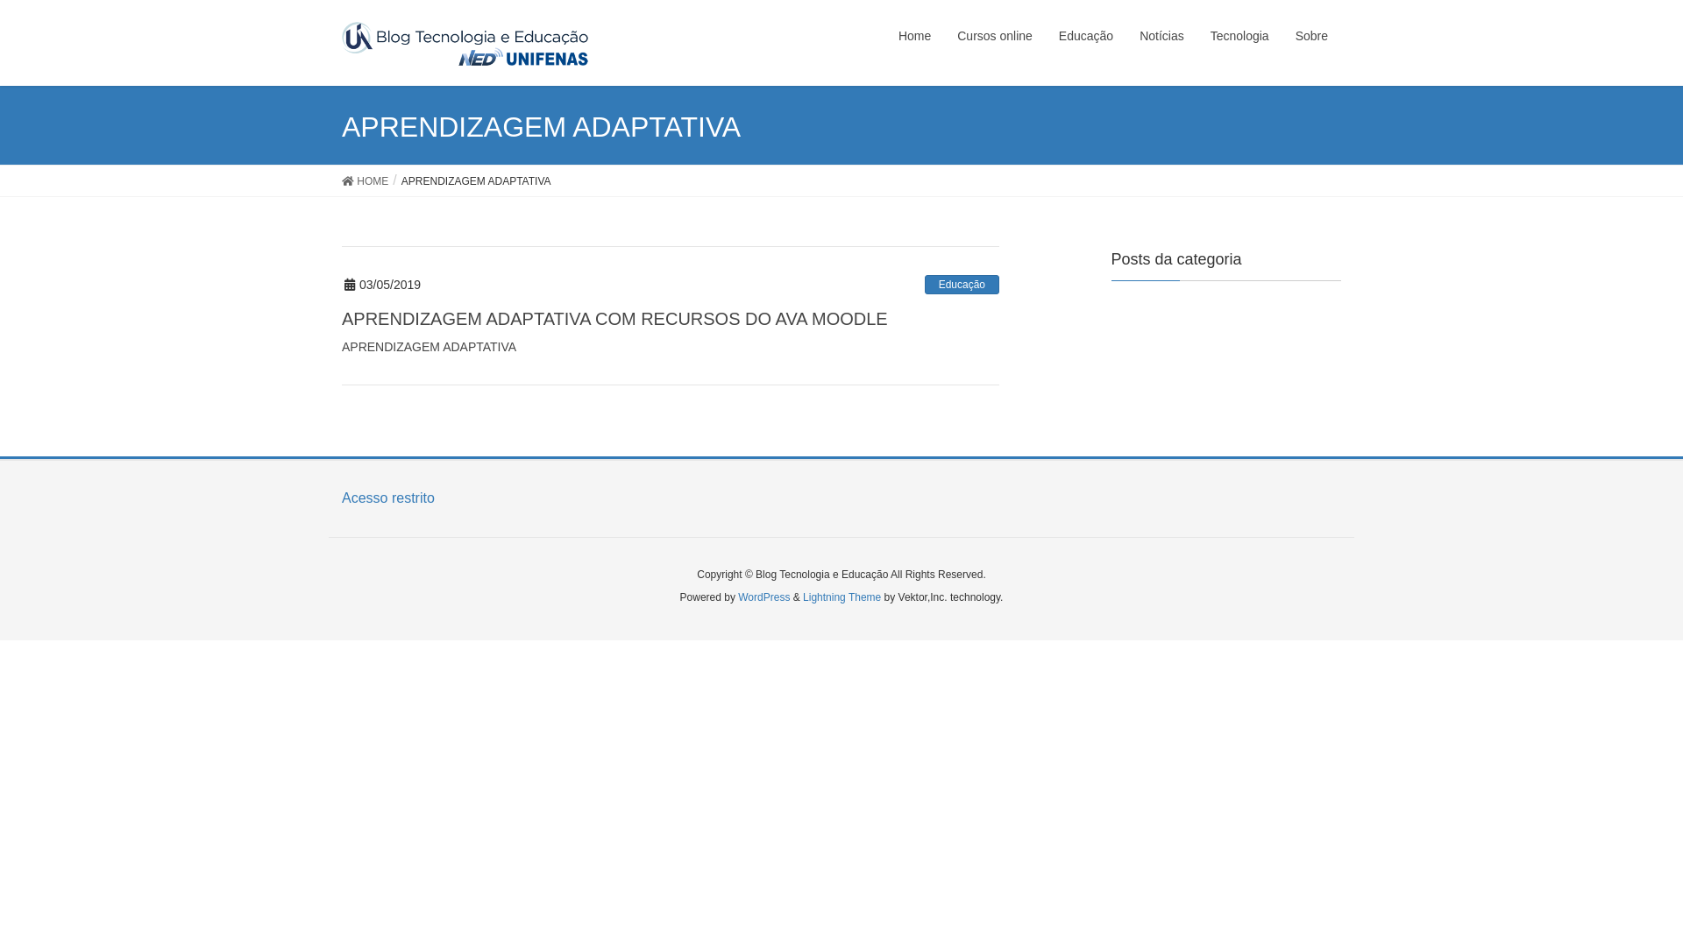 The image size is (1683, 946). What do you see at coordinates (913, 36) in the screenshot?
I see `'Home'` at bounding box center [913, 36].